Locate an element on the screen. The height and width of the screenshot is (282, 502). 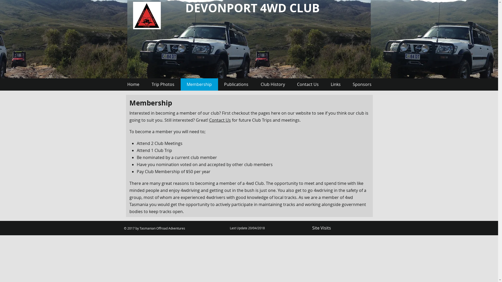
'Links' is located at coordinates (335, 84).